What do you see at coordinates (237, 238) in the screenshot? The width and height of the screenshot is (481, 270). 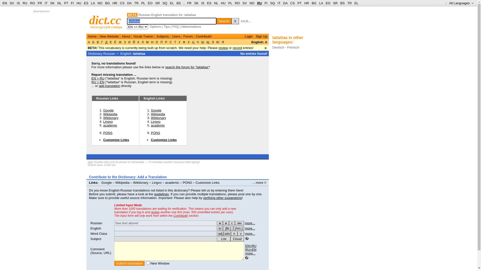 I see `'Cloud'` at bounding box center [237, 238].